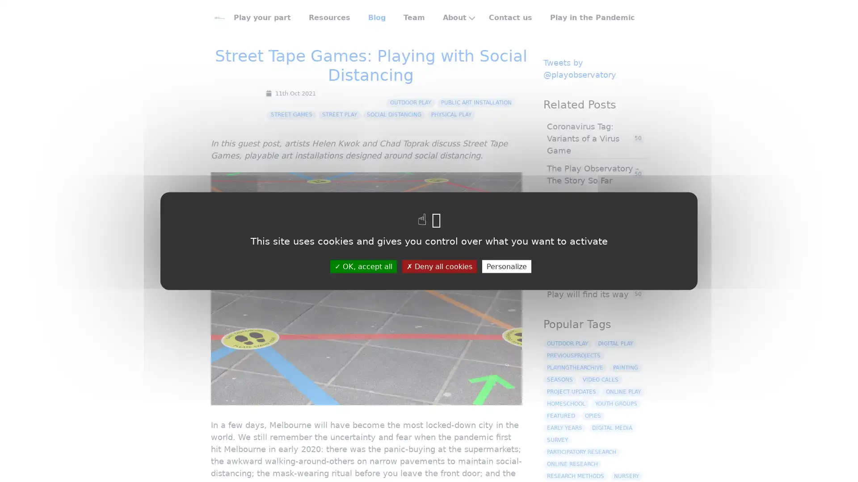 The height and width of the screenshot is (482, 858). I want to click on Deny all cookies, so click(439, 266).